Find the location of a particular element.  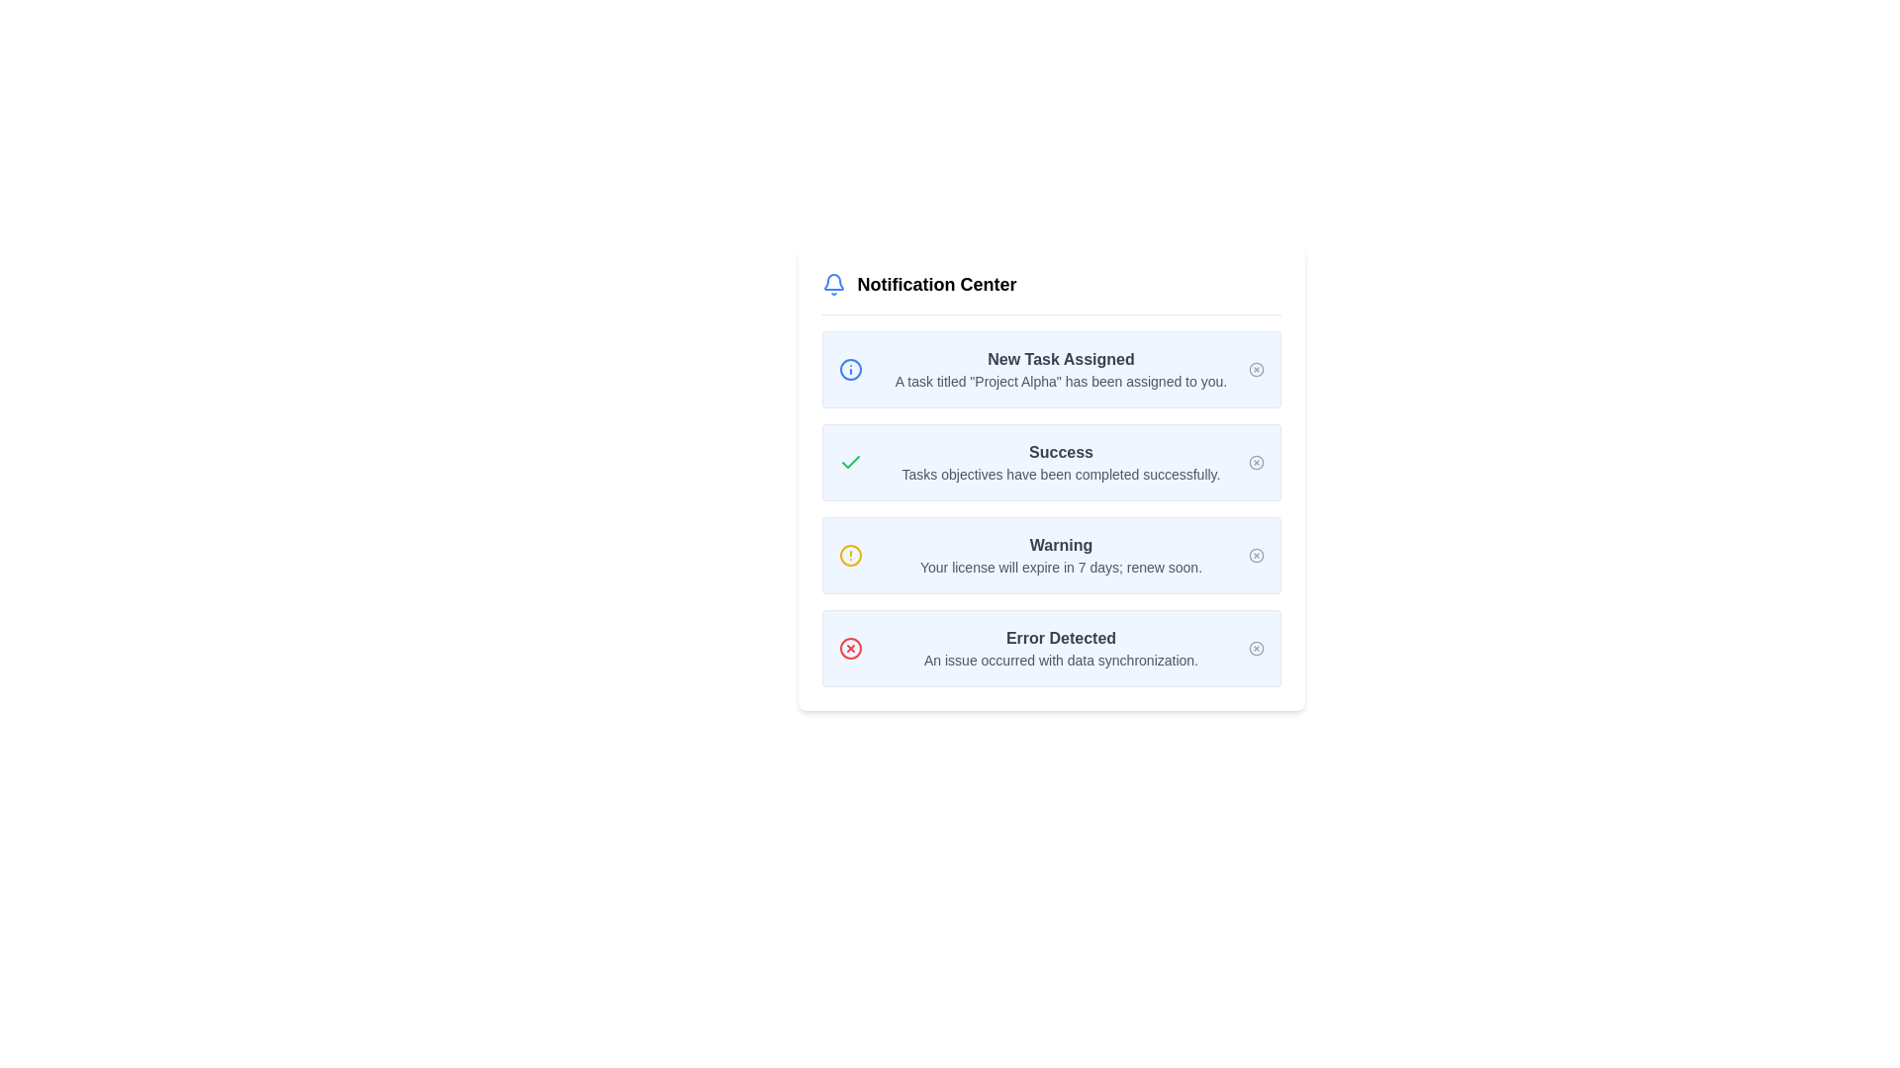

the circular gray button in the top-right corner of the notification card that indicates a warning about license expiration is located at coordinates (1255, 556).